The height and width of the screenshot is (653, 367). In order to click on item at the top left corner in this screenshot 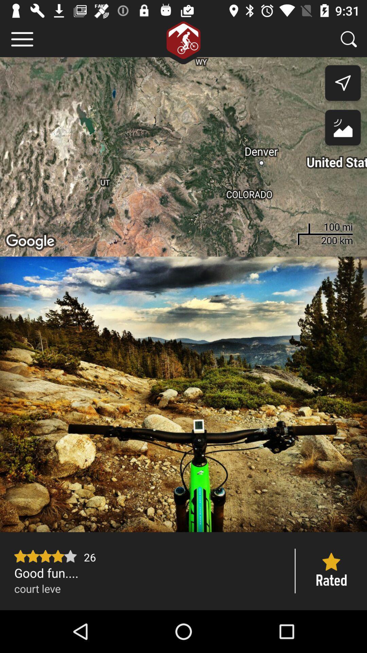, I will do `click(22, 39)`.